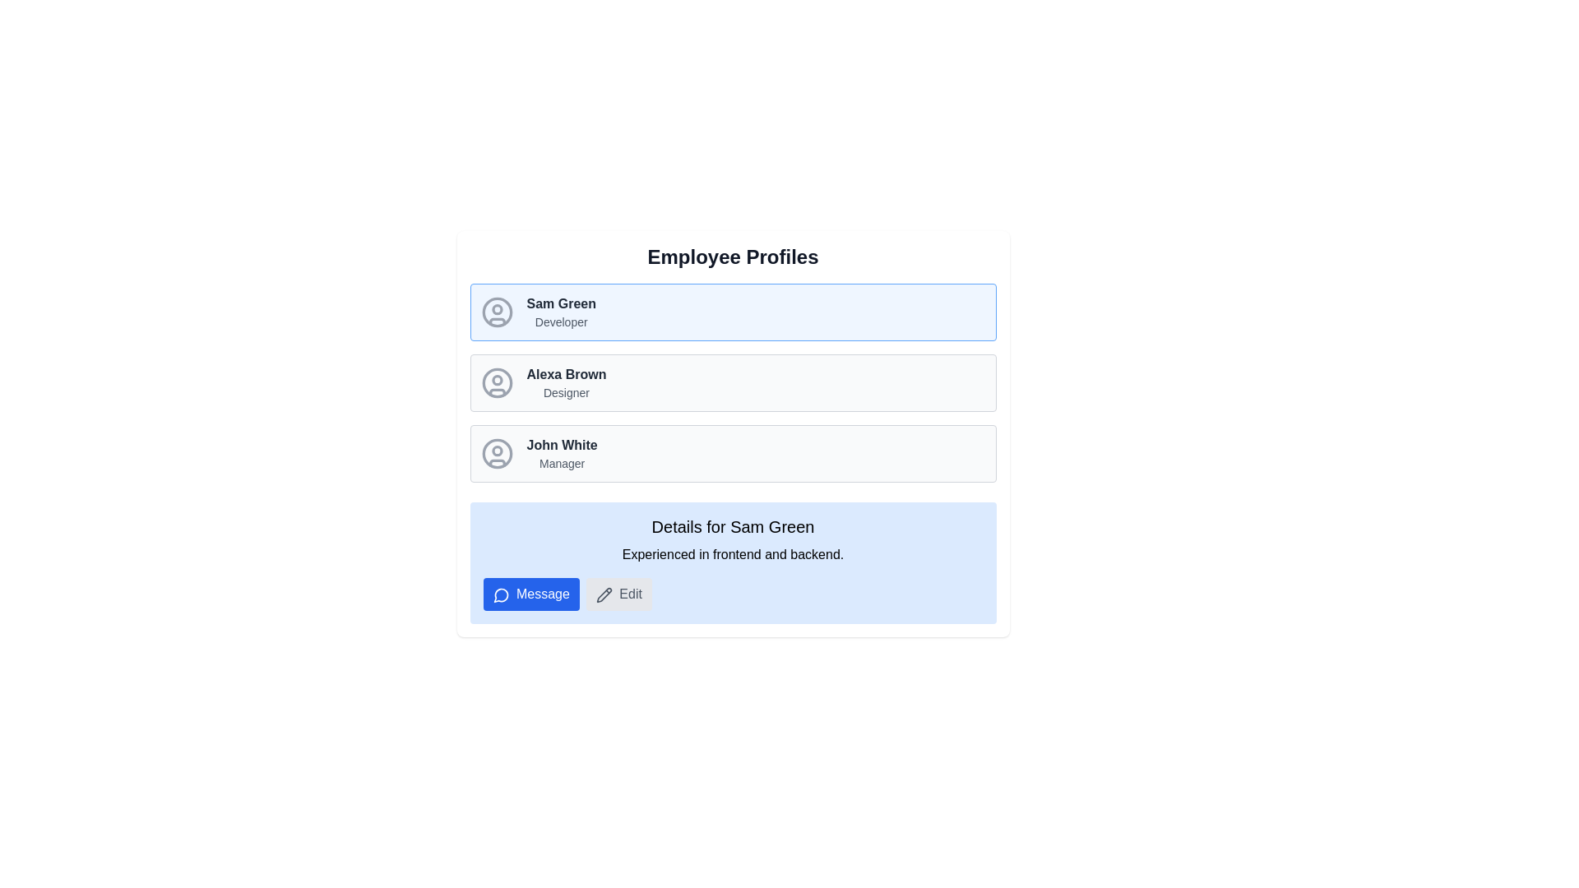  What do you see at coordinates (496, 312) in the screenshot?
I see `the user profile icon representing 'Sam Green' located in the profile block at the top of the employee list` at bounding box center [496, 312].